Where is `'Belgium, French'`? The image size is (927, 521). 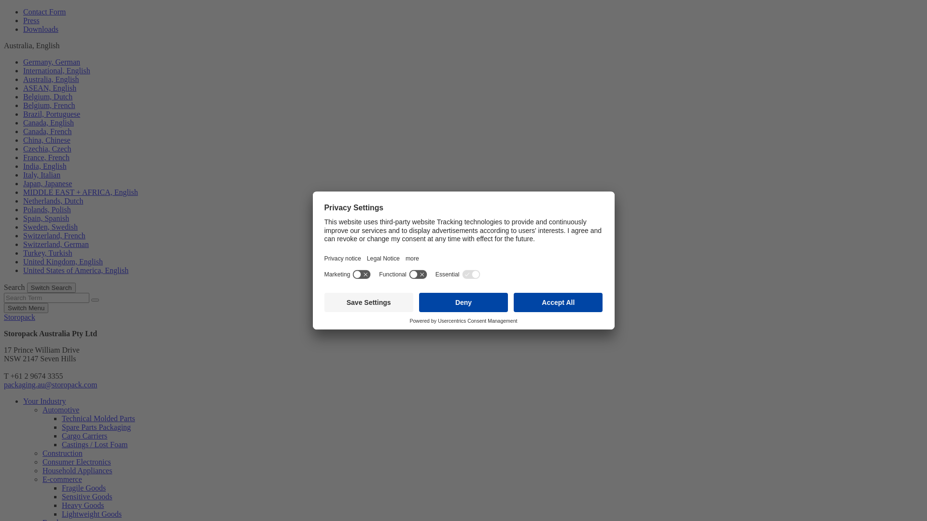
'Belgium, French' is located at coordinates (48, 105).